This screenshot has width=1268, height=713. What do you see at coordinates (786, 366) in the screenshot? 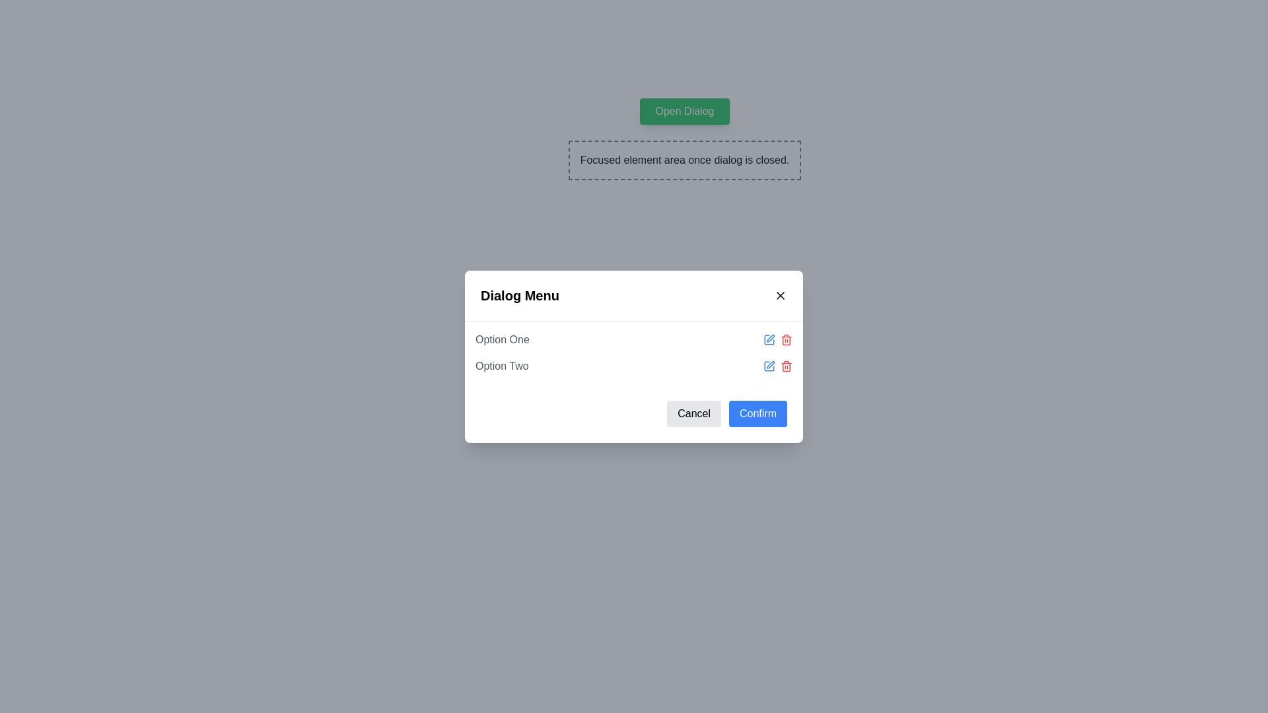
I see `the button that removes 'Option Two' from the dialog list, located to the right of the second row in the vertically aligned list` at bounding box center [786, 366].